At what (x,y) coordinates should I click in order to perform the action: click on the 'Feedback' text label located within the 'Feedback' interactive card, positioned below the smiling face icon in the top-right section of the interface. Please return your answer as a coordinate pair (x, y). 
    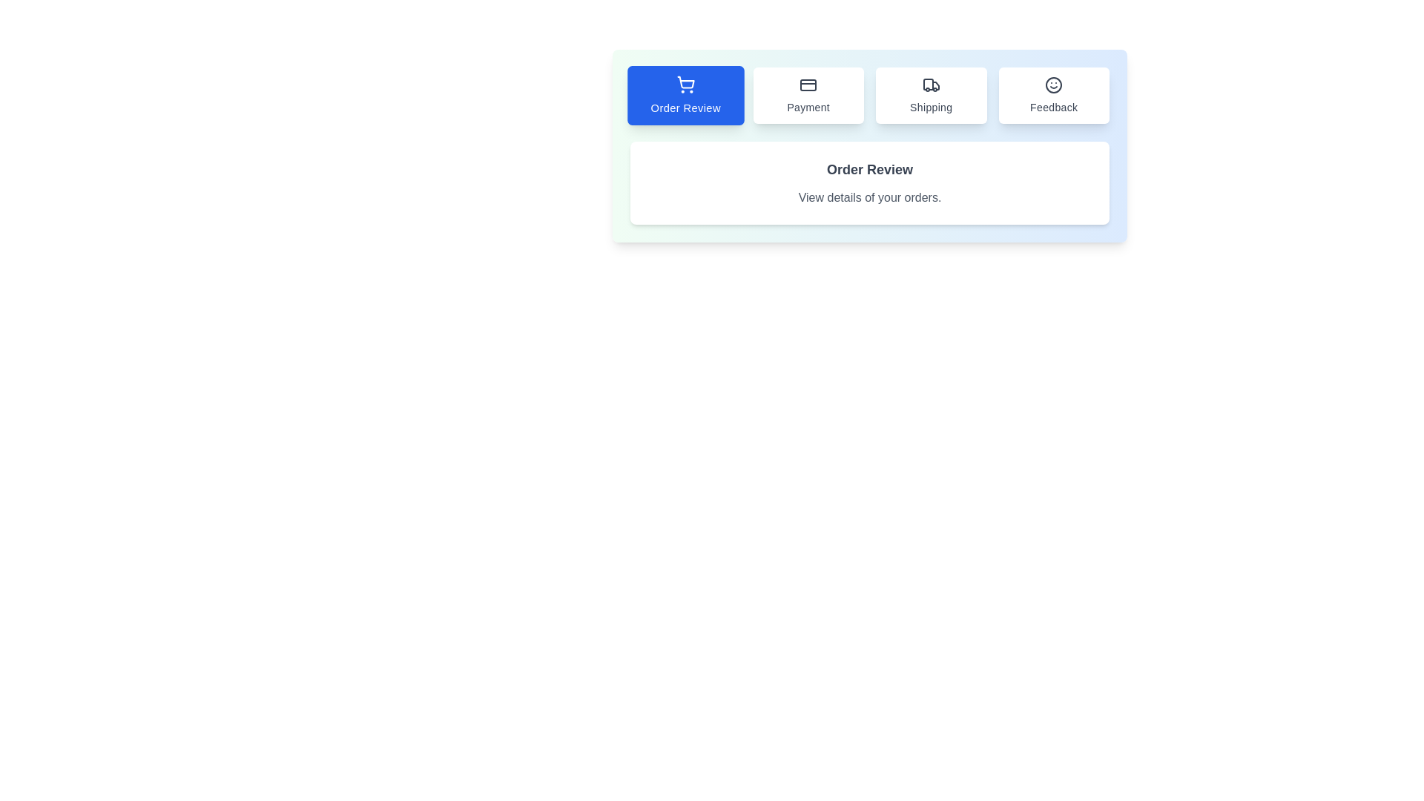
    Looking at the image, I should click on (1053, 107).